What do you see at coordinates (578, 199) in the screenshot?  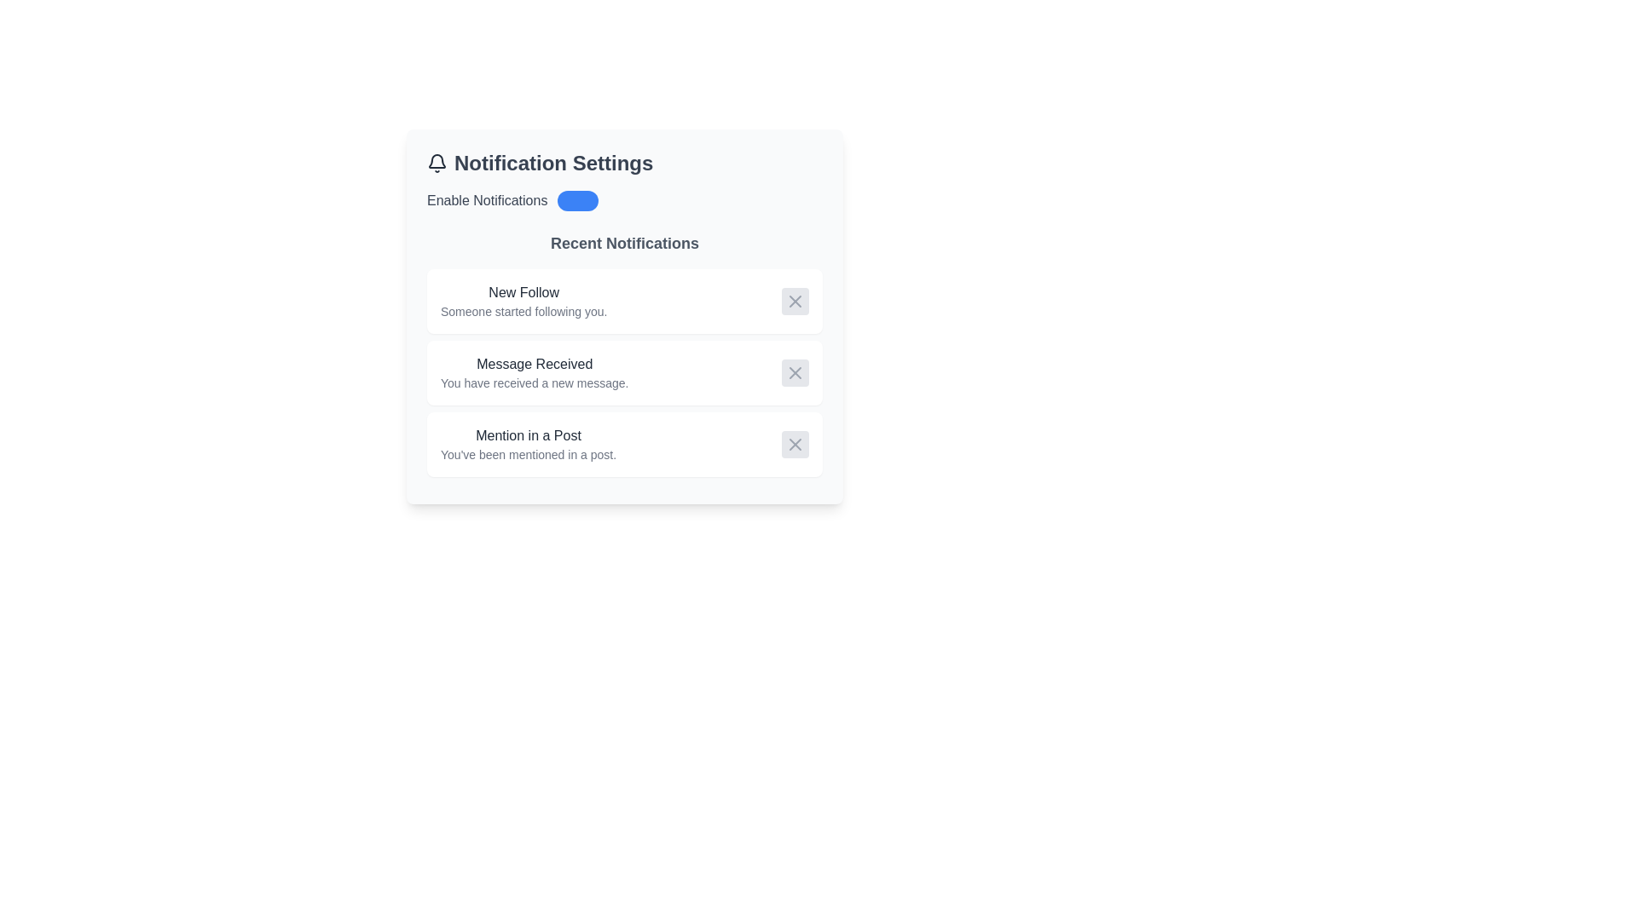 I see `the toggle switch located to the right of 'Enable Notifications'` at bounding box center [578, 199].